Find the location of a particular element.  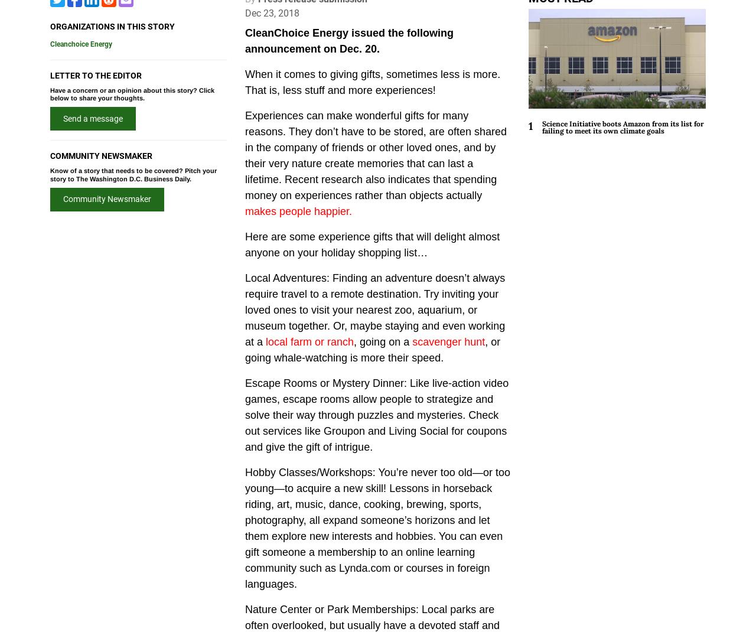

'Escape Rooms or Mystery Dinner: Like live-action video games, escape rooms allow people to strategize and solve their way through puzzles and mysteries. Check out services like Groupon and Living Social for coupons and give the gift of intrigue.' is located at coordinates (244, 415).